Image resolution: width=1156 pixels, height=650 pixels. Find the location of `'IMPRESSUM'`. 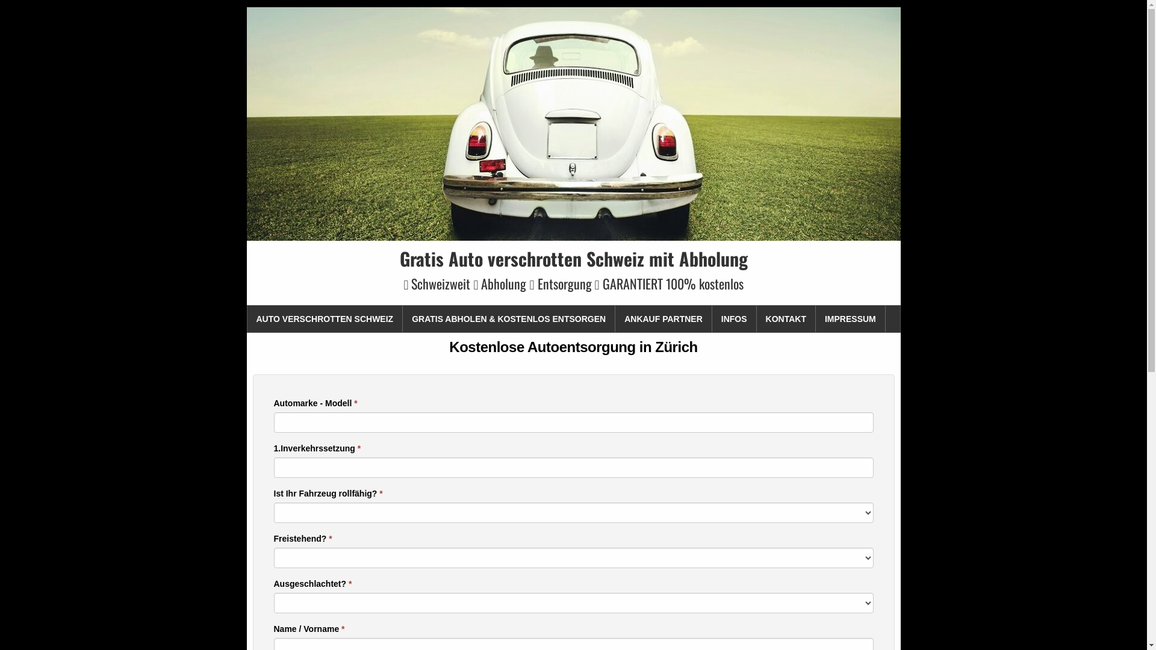

'IMPRESSUM' is located at coordinates (850, 318).